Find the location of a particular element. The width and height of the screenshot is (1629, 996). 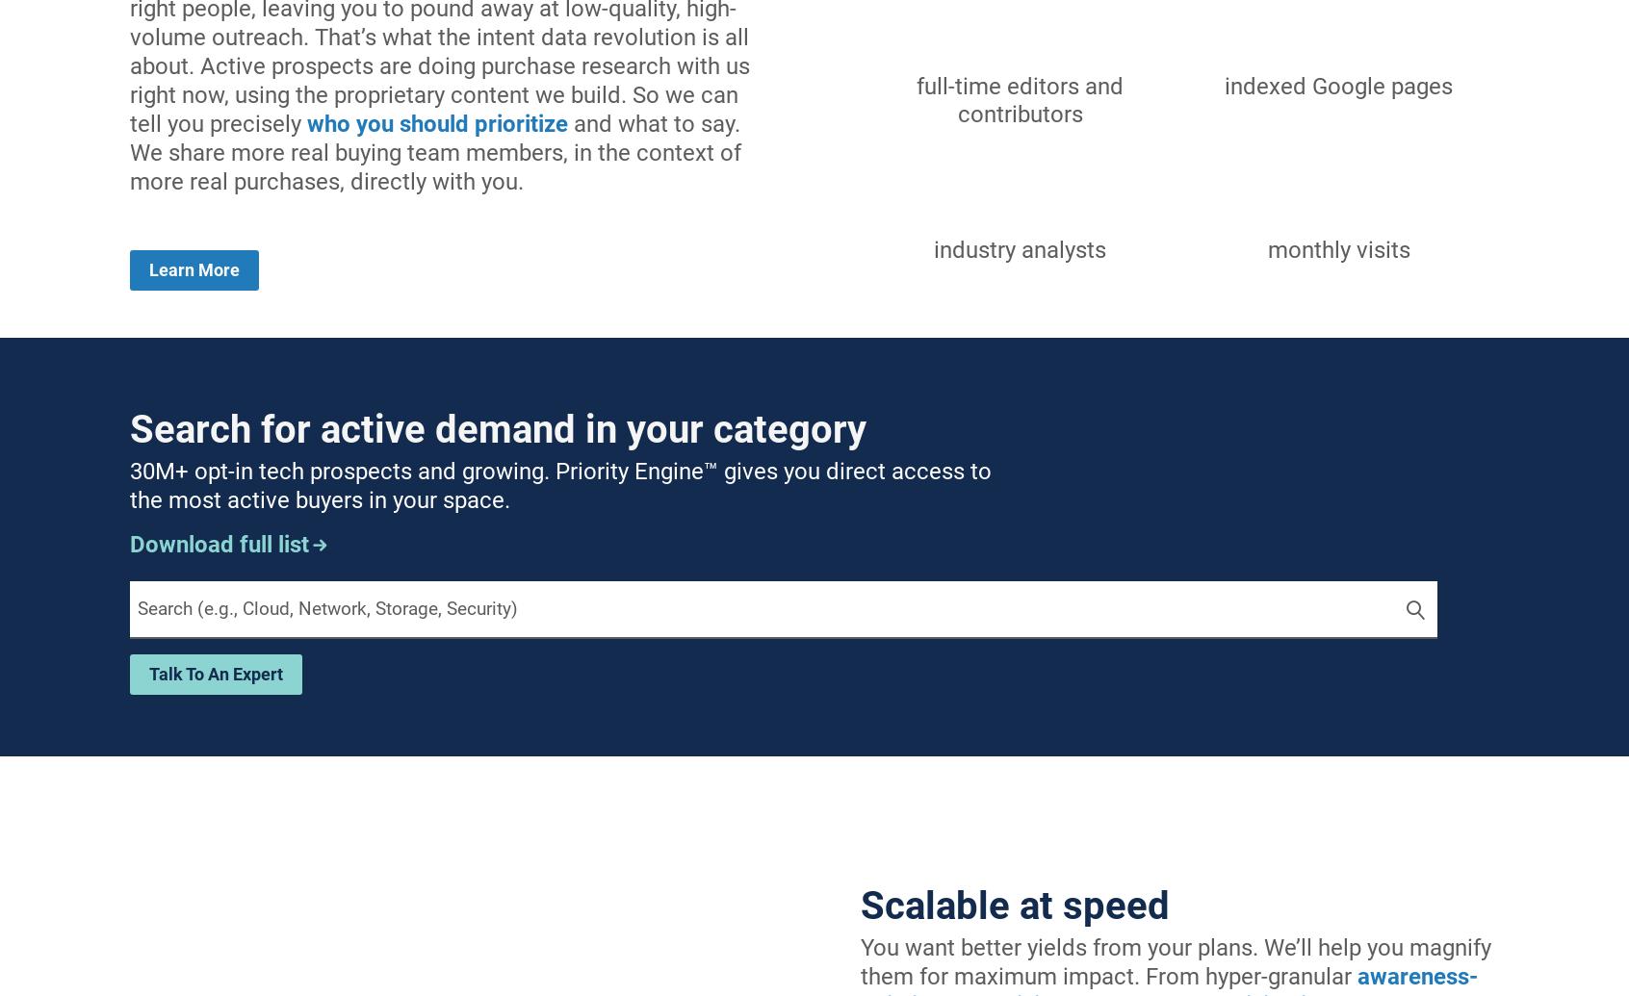

'Learn more' is located at coordinates (194, 268).